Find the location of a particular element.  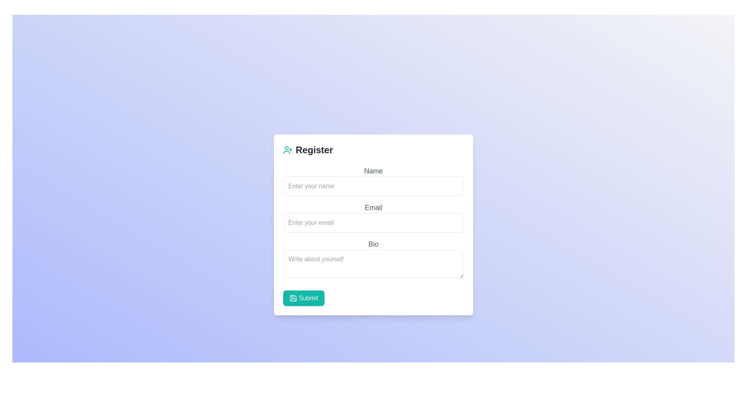

the 'Email' text label, which is styled with a larger gray font and positioned above the email input field in the registration form is located at coordinates (373, 207).